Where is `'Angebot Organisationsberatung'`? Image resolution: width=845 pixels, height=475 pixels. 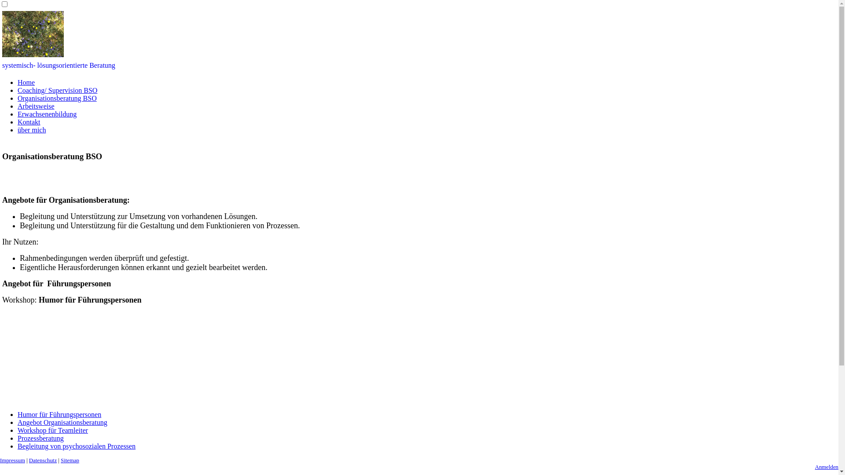 'Angebot Organisationsberatung' is located at coordinates (62, 422).